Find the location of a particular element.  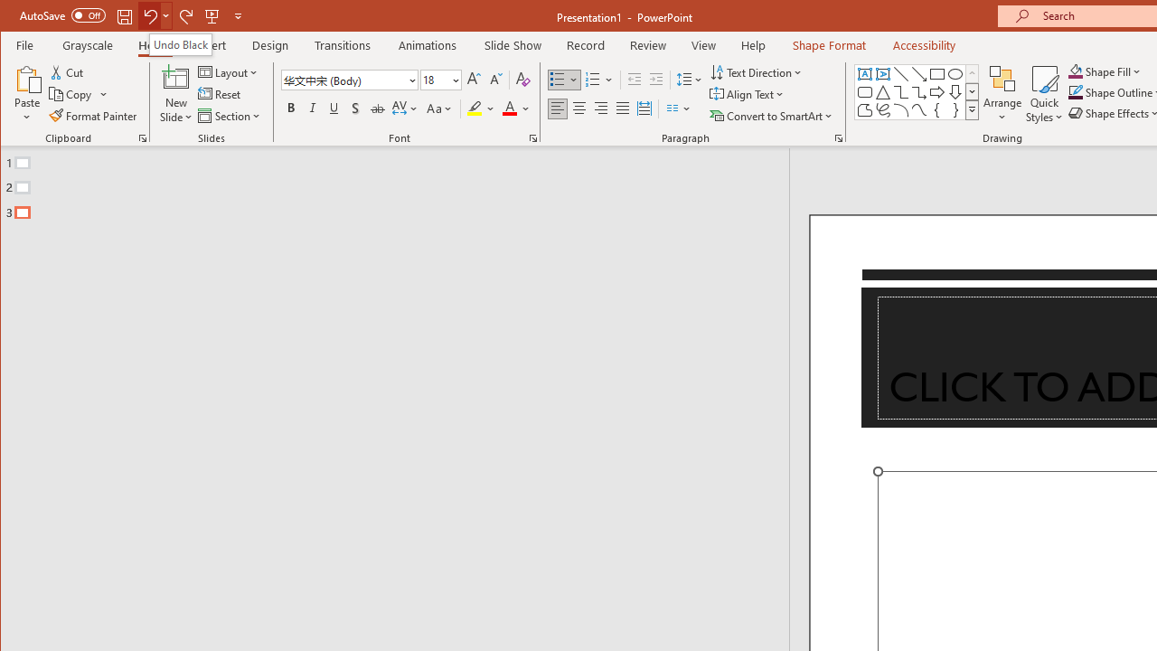

'Arrow: Right' is located at coordinates (936, 92).